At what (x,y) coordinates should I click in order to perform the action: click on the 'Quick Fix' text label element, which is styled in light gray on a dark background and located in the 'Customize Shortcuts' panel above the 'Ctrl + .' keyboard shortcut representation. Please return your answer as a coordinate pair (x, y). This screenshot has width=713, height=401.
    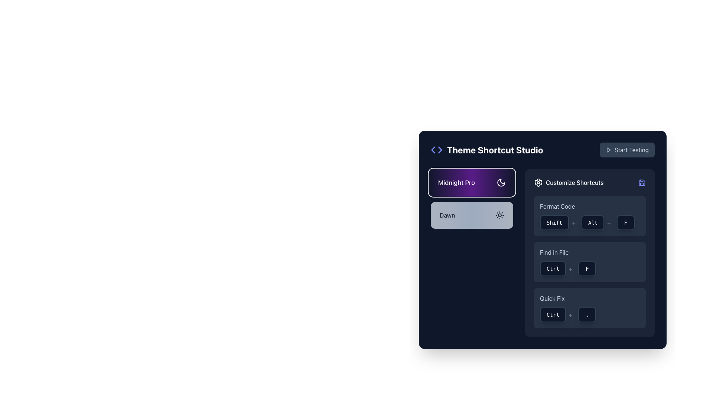
    Looking at the image, I should click on (552, 298).